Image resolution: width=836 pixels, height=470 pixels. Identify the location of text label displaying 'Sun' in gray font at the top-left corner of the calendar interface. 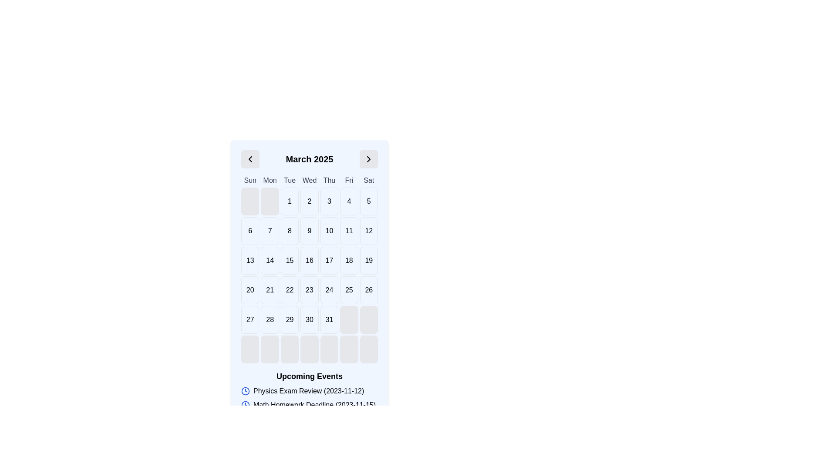
(249, 180).